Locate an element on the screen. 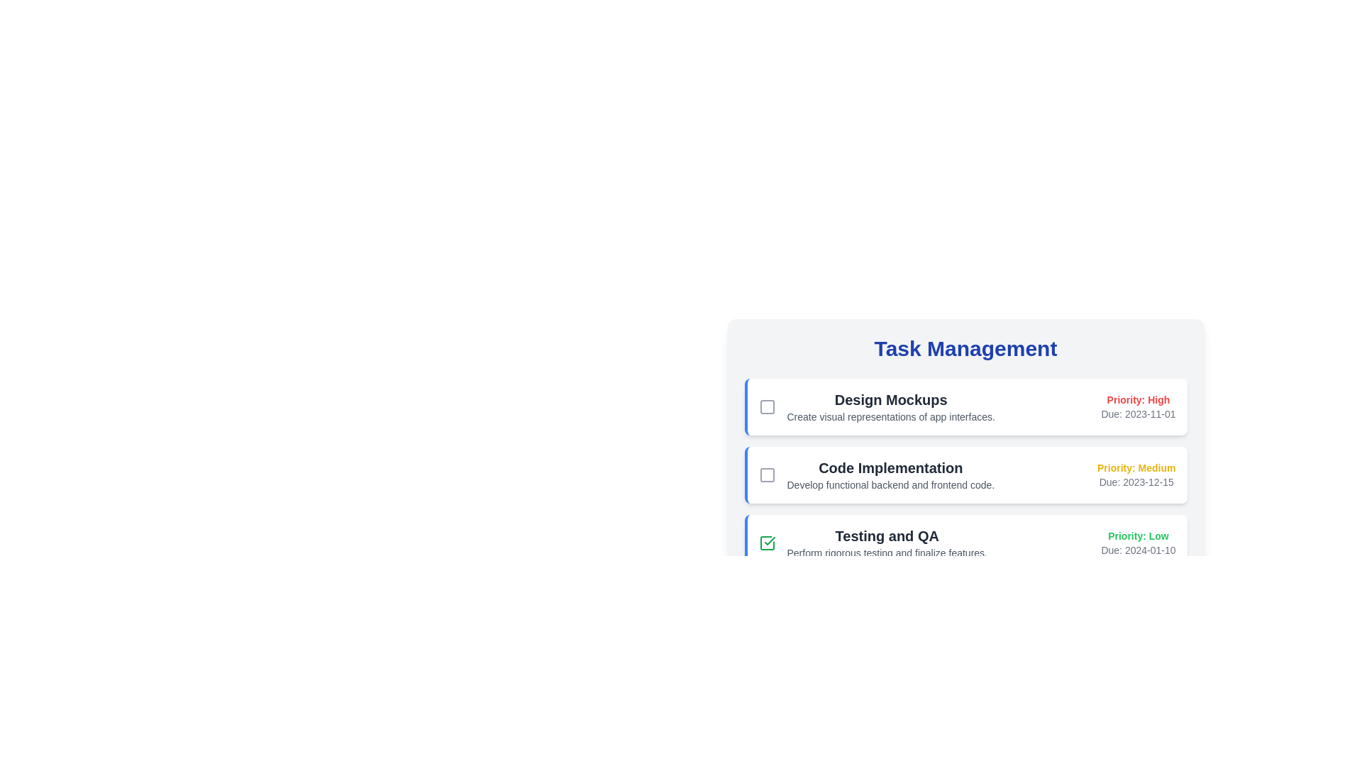 Image resolution: width=1362 pixels, height=766 pixels. task details for the 'Code Implementation' labeled task, which is the second item in the Task Management section is located at coordinates (875, 475).